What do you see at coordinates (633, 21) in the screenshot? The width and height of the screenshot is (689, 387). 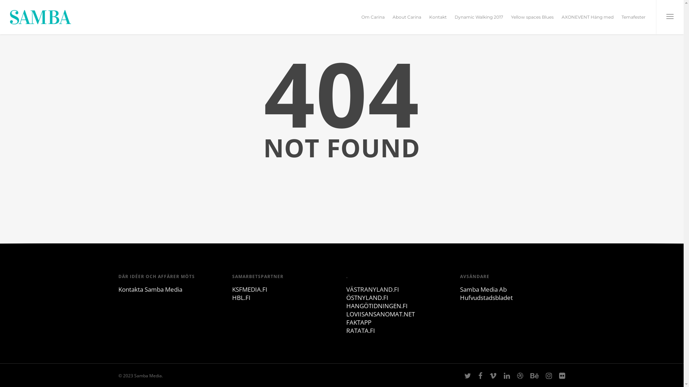 I see `'Temafester'` at bounding box center [633, 21].